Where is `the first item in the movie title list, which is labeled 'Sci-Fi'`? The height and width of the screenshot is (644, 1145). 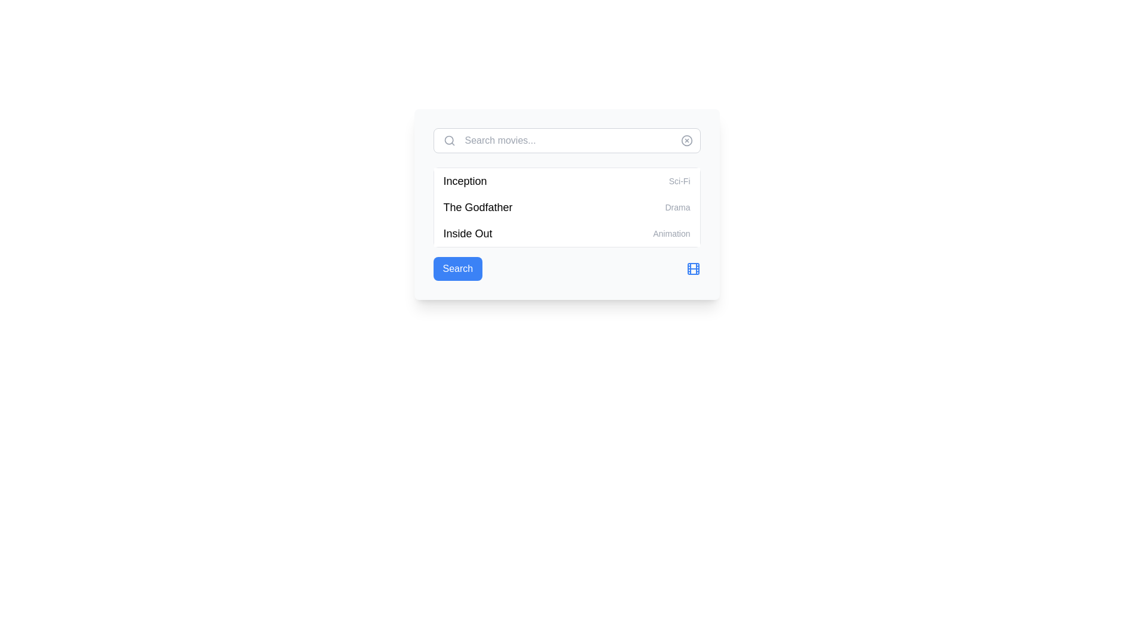 the first item in the movie title list, which is labeled 'Sci-Fi' is located at coordinates (465, 181).